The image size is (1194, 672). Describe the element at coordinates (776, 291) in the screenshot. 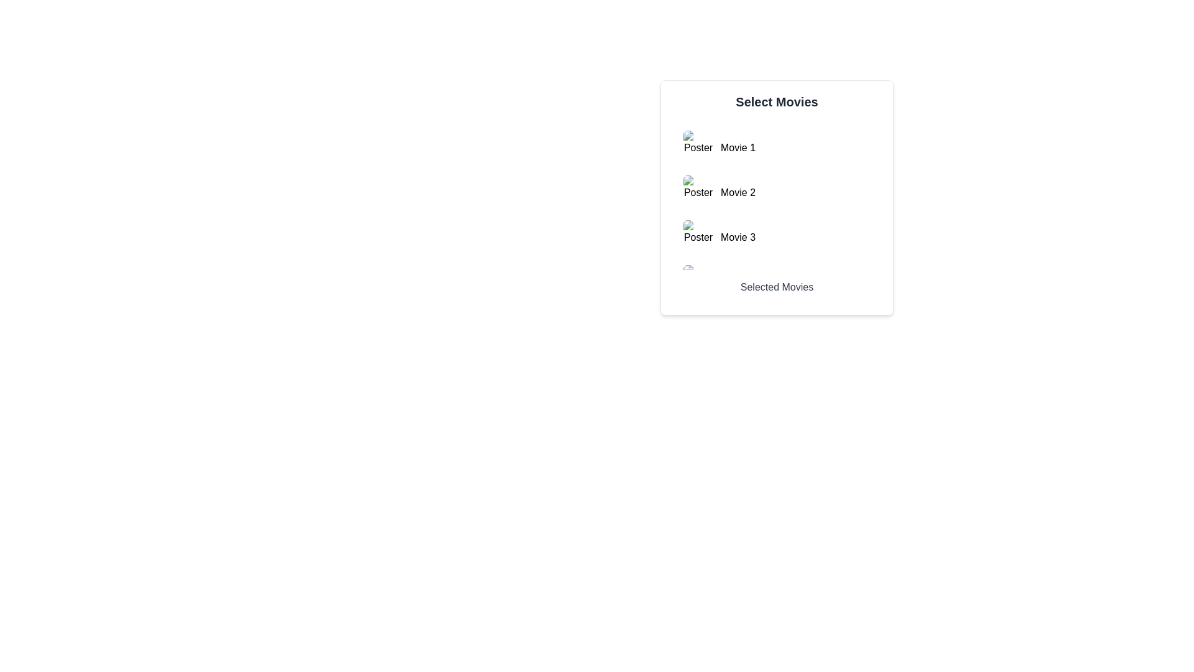

I see `the 'Selected Movies' text label, which is styled as part of a list or section header and is positioned below the items 'Movie 1' to 'Movie 3'` at that location.